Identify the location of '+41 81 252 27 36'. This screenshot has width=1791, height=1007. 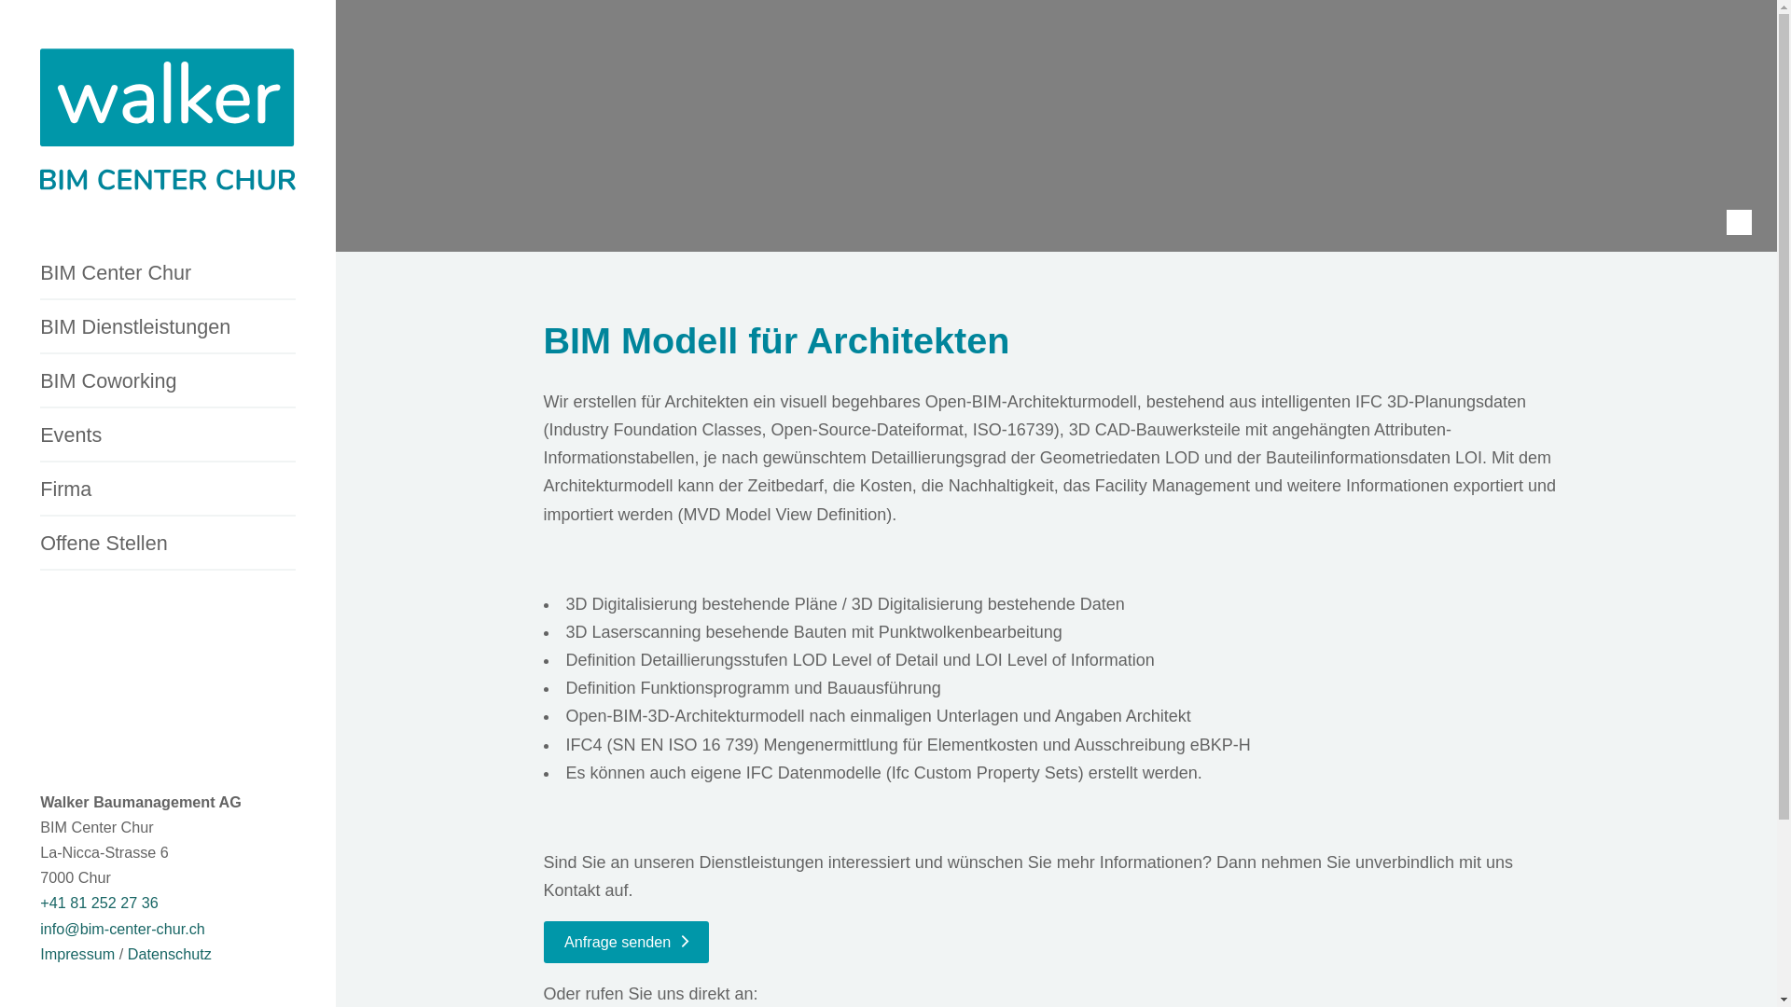
(97, 902).